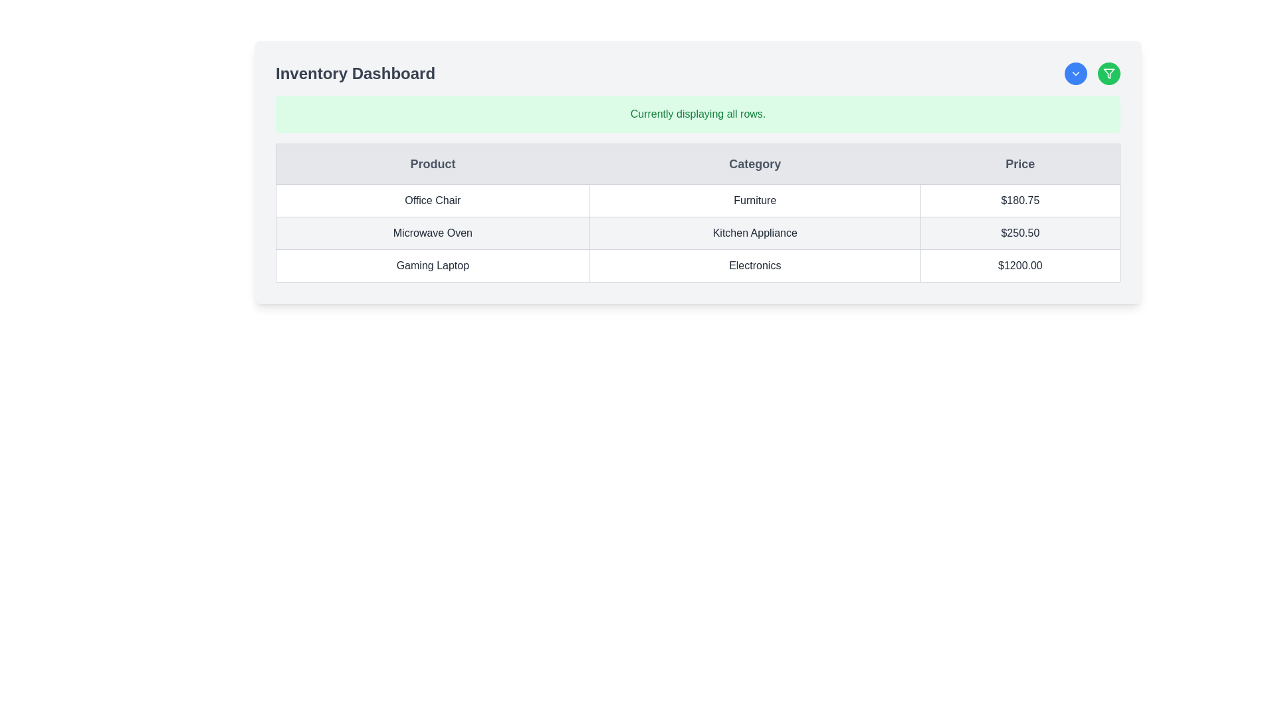 The height and width of the screenshot is (718, 1276). I want to click on the price text box displaying the price of the 'Gaming Laptop', so click(1019, 266).